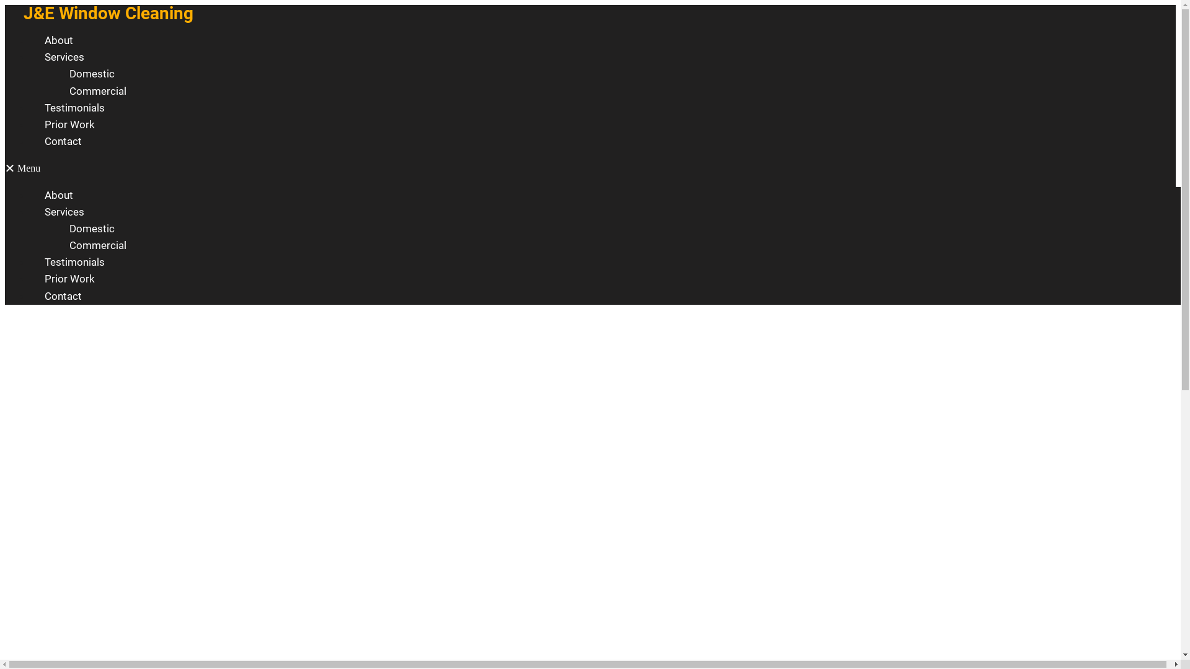 The image size is (1190, 669). I want to click on 'Services', so click(64, 57).